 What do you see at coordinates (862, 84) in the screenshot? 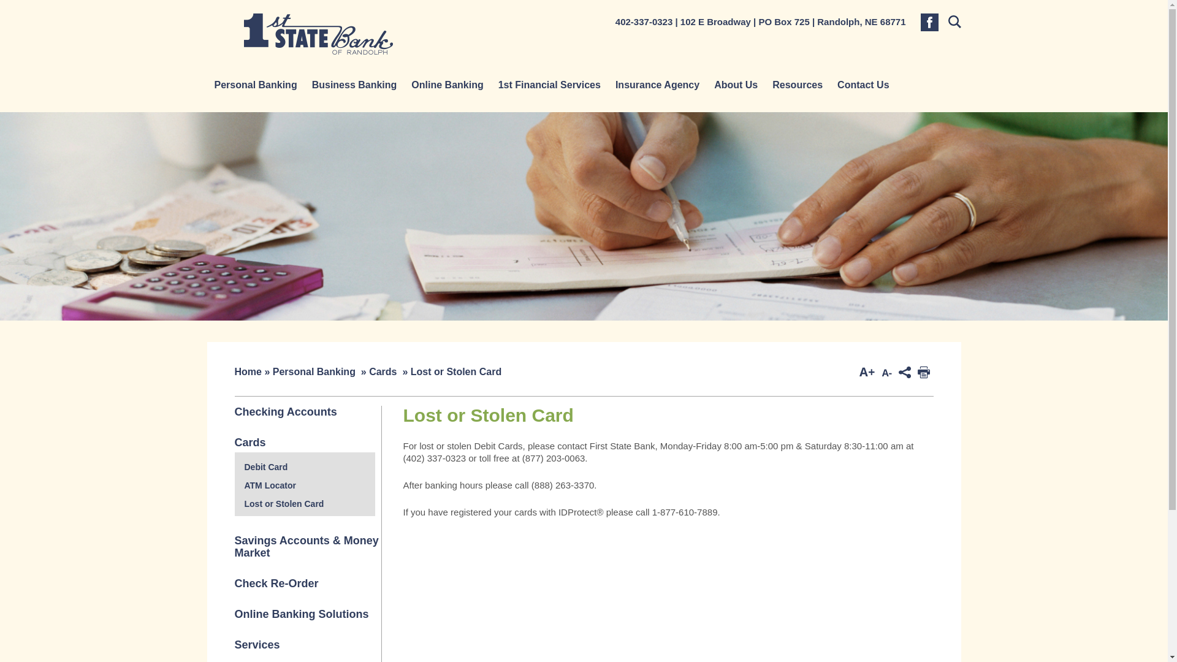
I see `'Contact Us'` at bounding box center [862, 84].